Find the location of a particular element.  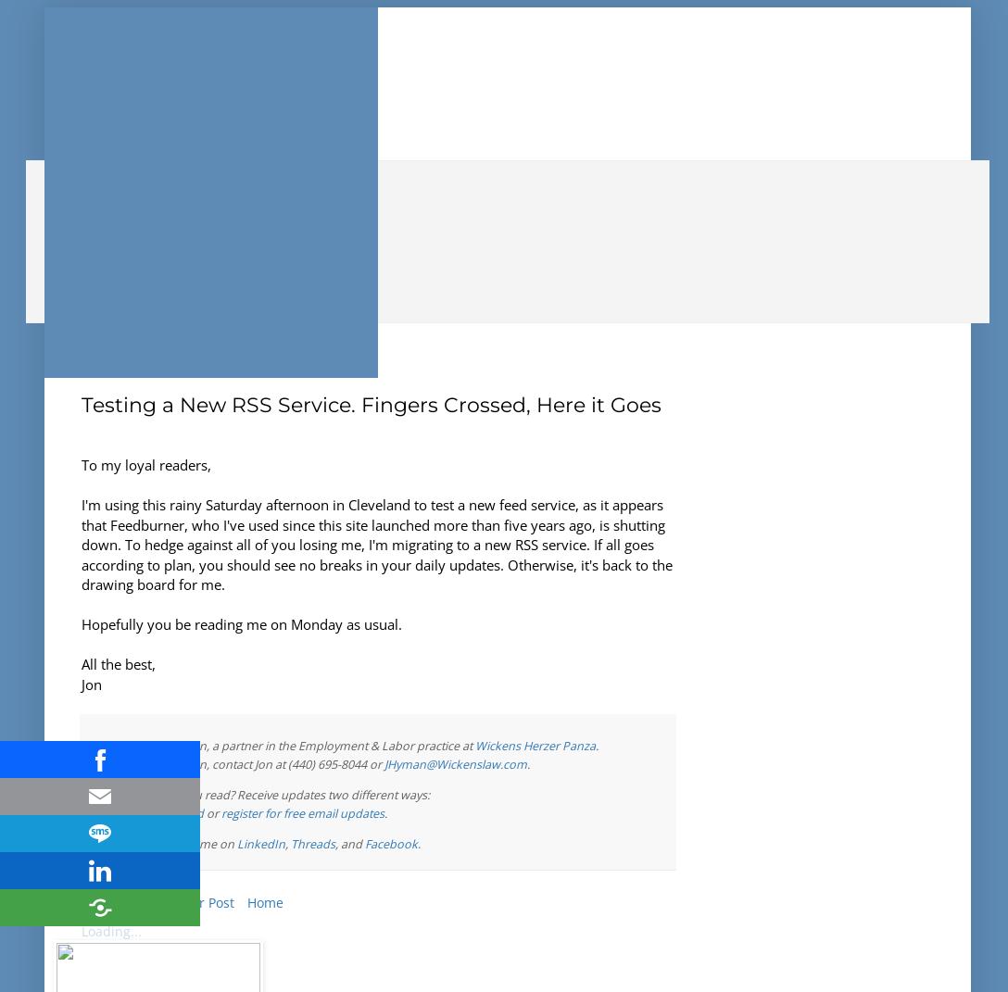

'To my loyal readers,' is located at coordinates (145, 463).